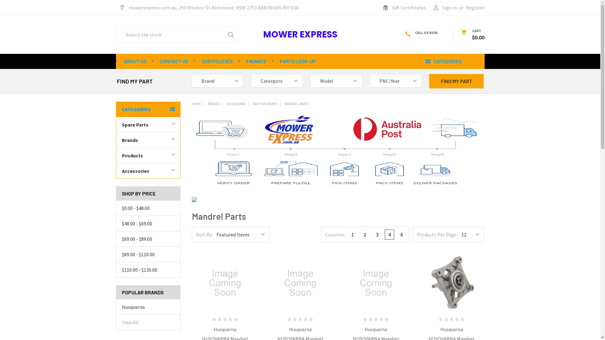 This screenshot has height=340, width=605. I want to click on 'CALL US NOW', so click(425, 33).